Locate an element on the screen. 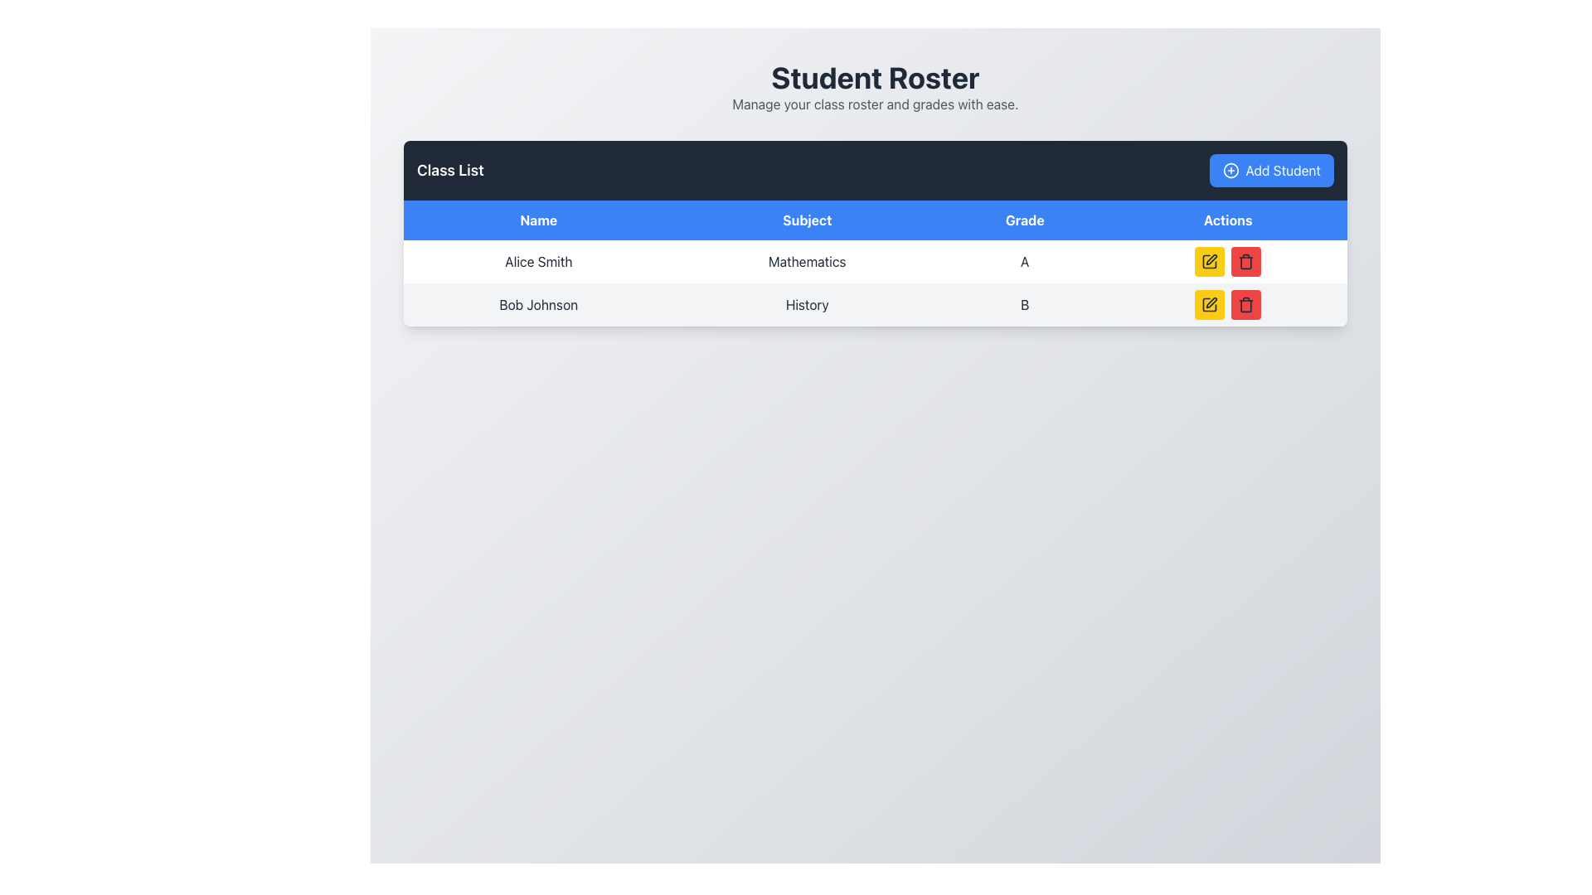 The height and width of the screenshot is (895, 1592). the label displaying the word 'Name' in bold white text on a blue background, which is located at the far left of the header row in the table is located at coordinates (538, 220).